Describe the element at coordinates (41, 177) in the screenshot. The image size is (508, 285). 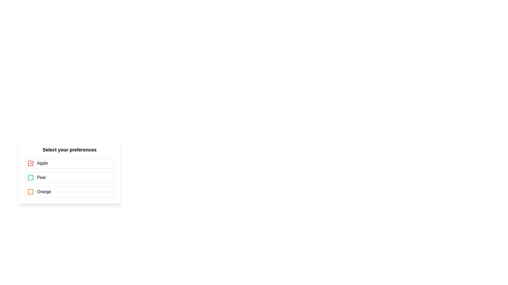
I see `the text label displaying 'Pear', which is positioned between the 'Apple' and 'Orange' items in the selectable item group` at that location.